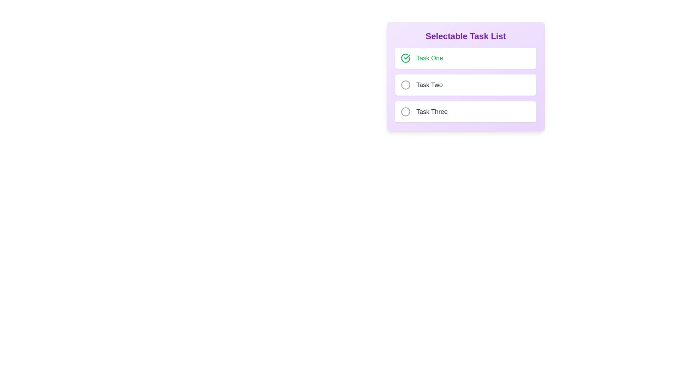 The height and width of the screenshot is (381, 678). I want to click on the second selectable task item with a radio button in the light purple card titled 'Selectable Task List', so click(466, 84).